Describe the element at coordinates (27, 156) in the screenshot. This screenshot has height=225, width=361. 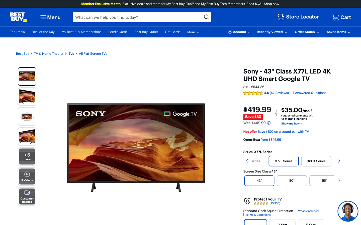
I see `Explore additional pictures of the Sony television` at that location.